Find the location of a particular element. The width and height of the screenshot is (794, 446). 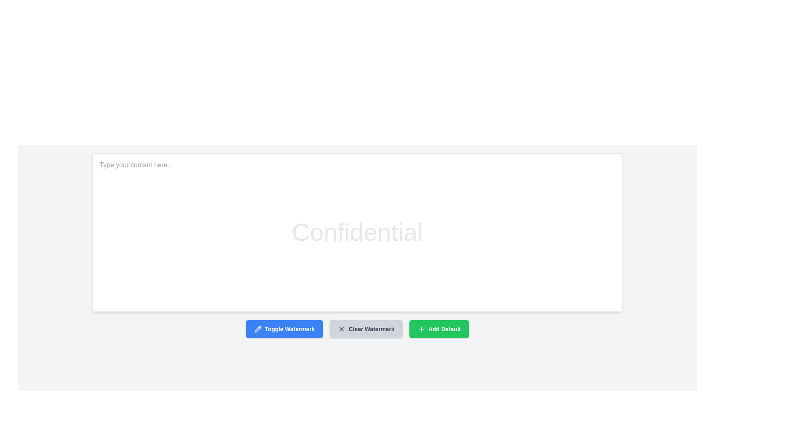

the first button in the row of three buttons at the bottom of the interface is located at coordinates (284, 329).